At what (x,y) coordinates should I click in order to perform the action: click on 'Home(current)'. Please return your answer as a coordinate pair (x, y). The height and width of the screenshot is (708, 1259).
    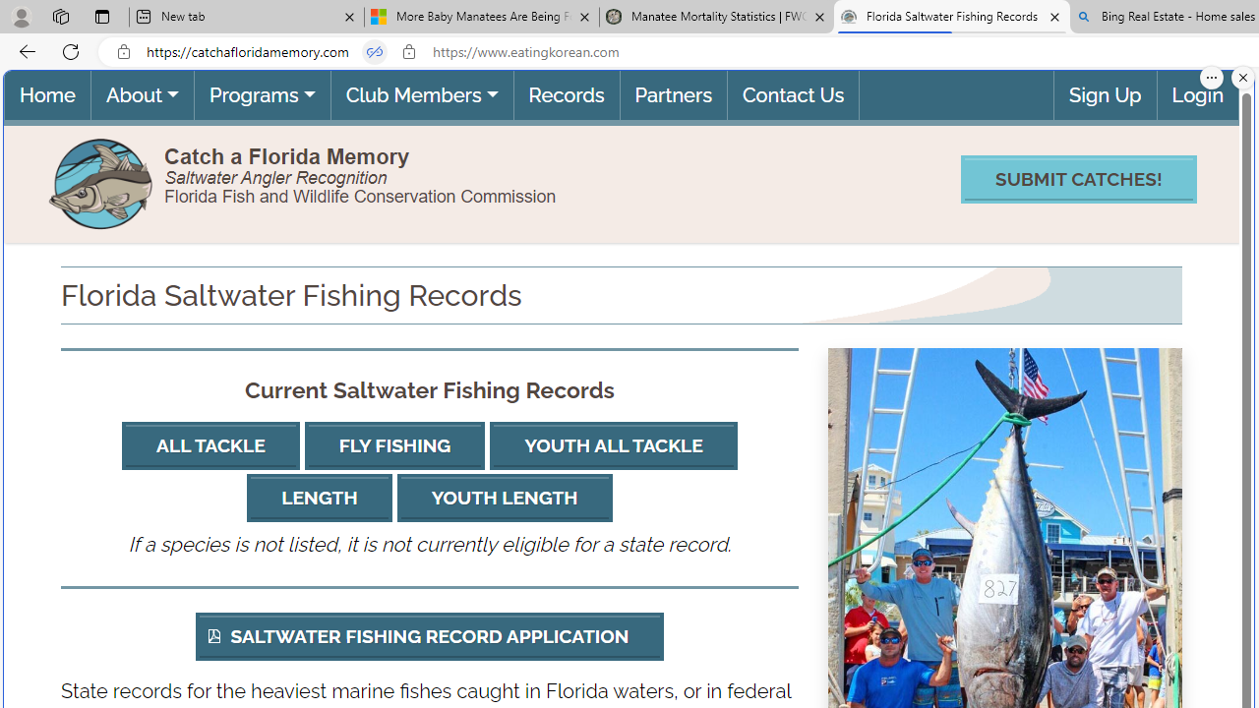
    Looking at the image, I should click on (47, 94).